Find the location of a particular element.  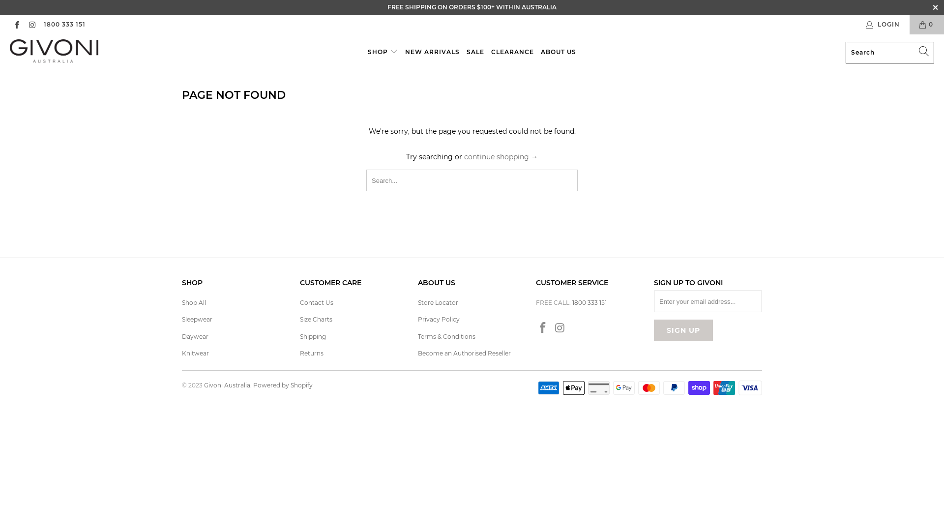

'Daywear' is located at coordinates (195, 336).